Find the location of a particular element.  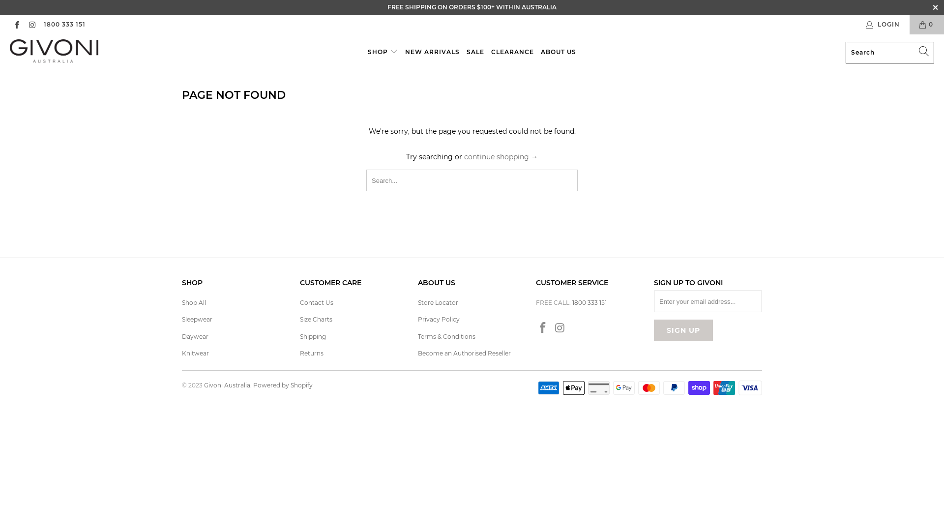

'Daywear' is located at coordinates (195, 336).